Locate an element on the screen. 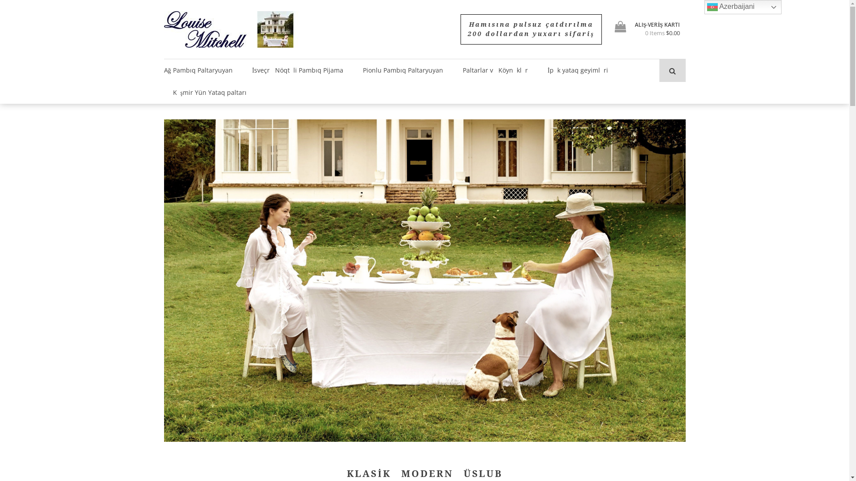 The width and height of the screenshot is (856, 481). 'Azerbaijani' is located at coordinates (743, 7).